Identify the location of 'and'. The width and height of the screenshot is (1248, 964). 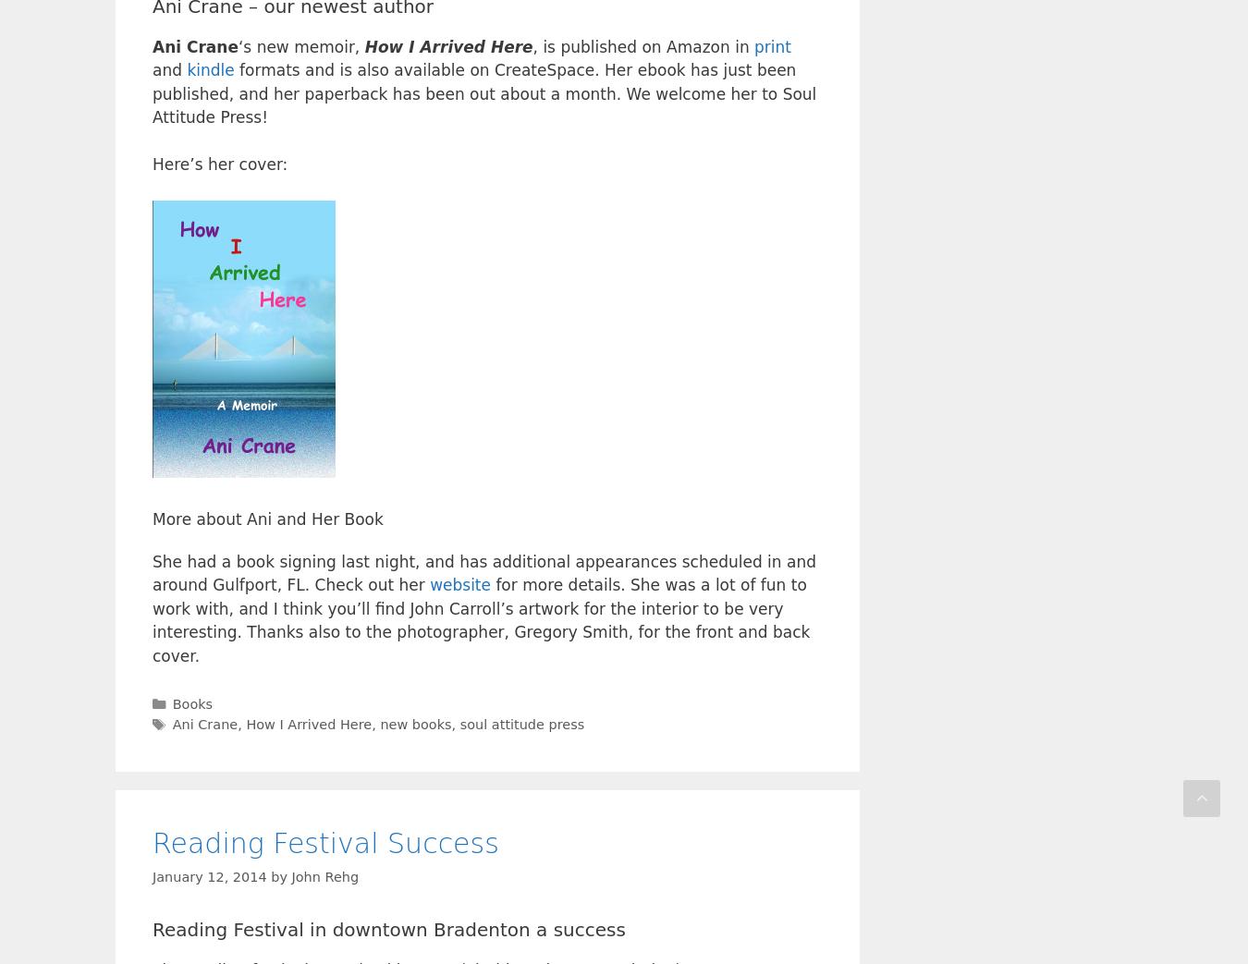
(169, 70).